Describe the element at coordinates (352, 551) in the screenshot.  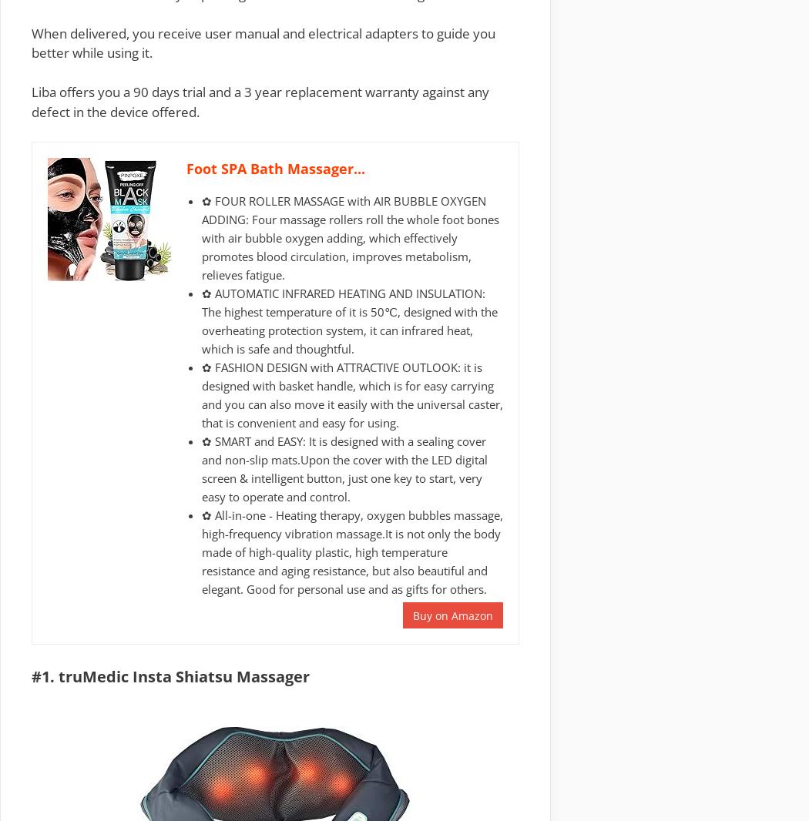
I see `'✿ All-in-one - Heating therapy, oxygen bubbles massage, high-frequency vibration massage.It is not only the body made of high-quality plastic, high temperature resistance and aging resistance, but also beautiful and elegant. Good for personal use and as gifts for others.'` at that location.